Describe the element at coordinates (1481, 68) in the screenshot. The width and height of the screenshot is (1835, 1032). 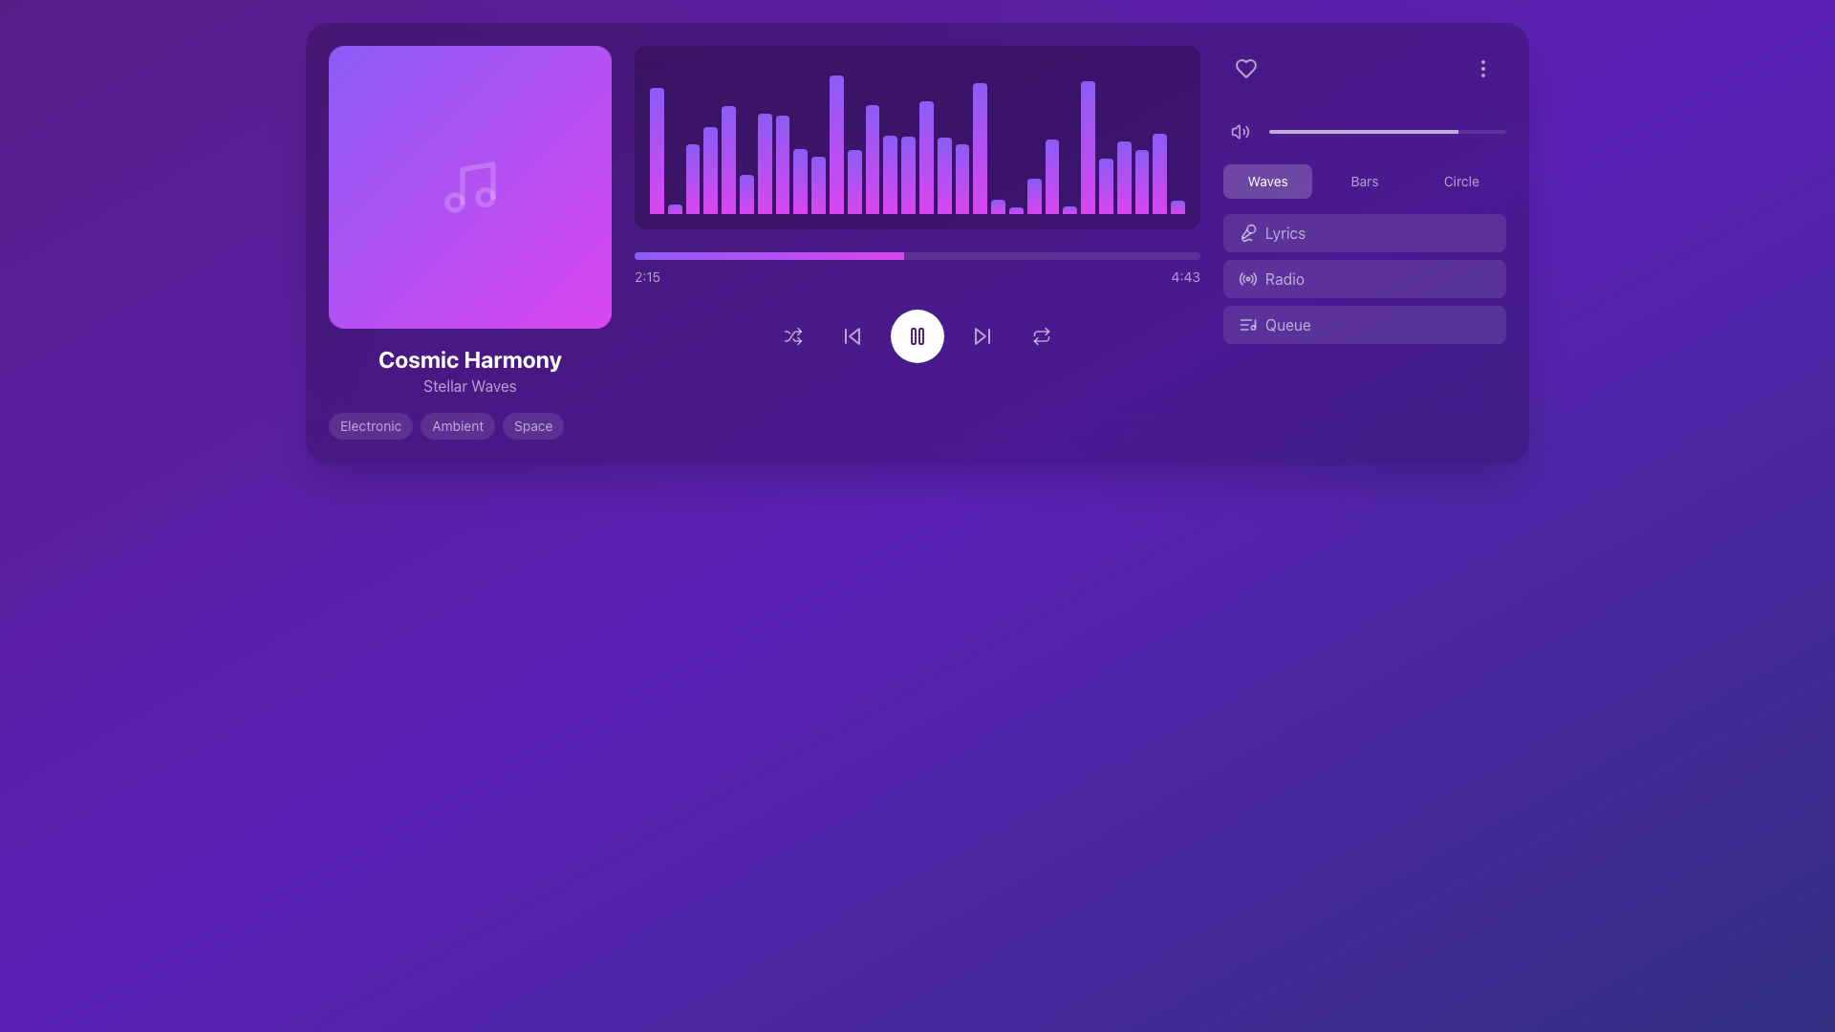
I see `the button located on the far right side of the interface, aligned horizontally with the heart-shaped icon` at that location.